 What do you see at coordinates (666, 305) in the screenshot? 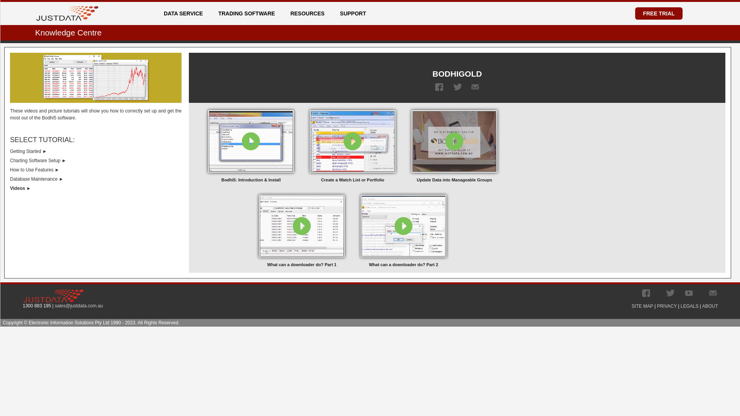
I see `'PRIVACY'` at bounding box center [666, 305].